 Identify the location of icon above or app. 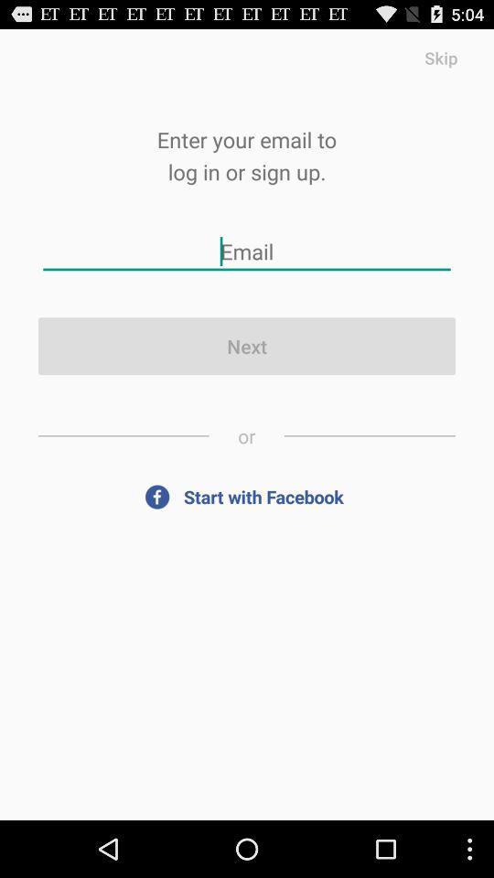
(247, 345).